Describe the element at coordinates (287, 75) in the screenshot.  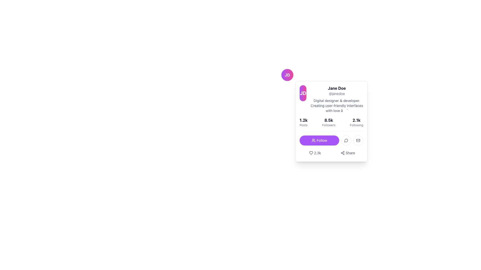
I see `the circular avatar icon with a gradient background and 'JD' in white bold font` at that location.